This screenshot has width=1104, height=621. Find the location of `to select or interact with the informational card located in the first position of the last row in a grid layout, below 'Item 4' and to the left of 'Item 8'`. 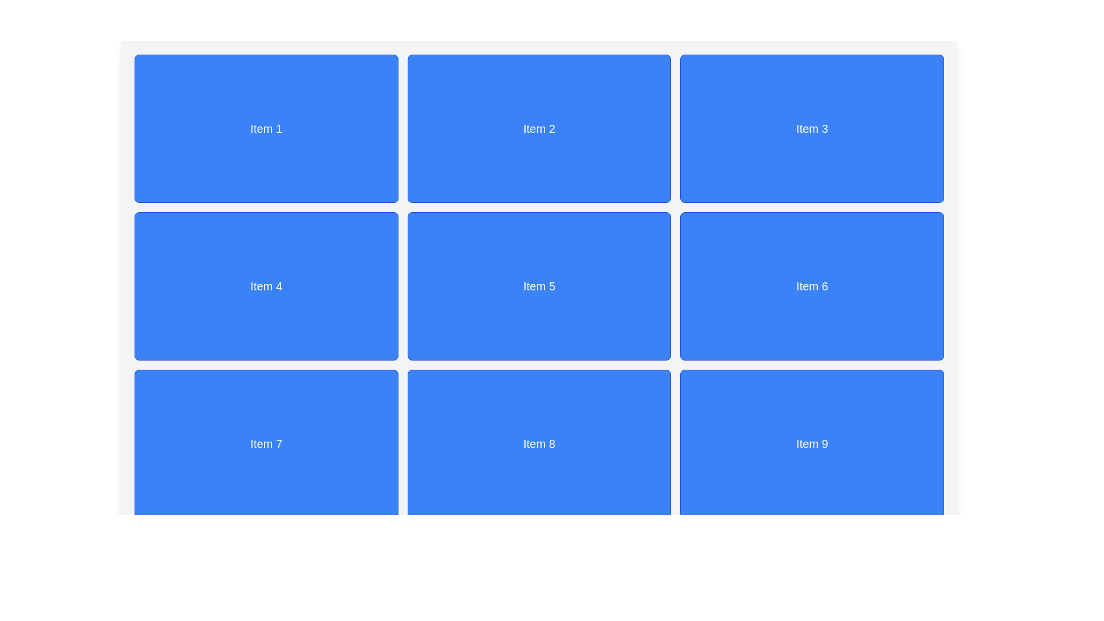

to select or interact with the informational card located in the first position of the last row in a grid layout, below 'Item 4' and to the left of 'Item 8' is located at coordinates (266, 443).